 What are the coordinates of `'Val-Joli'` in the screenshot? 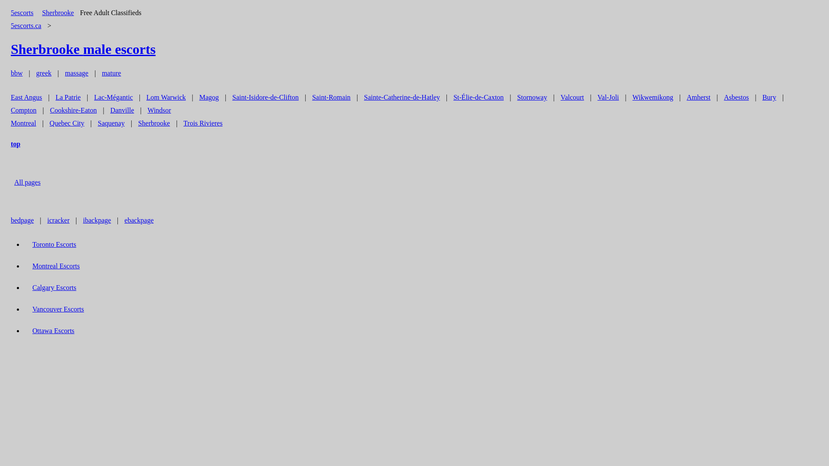 It's located at (608, 97).